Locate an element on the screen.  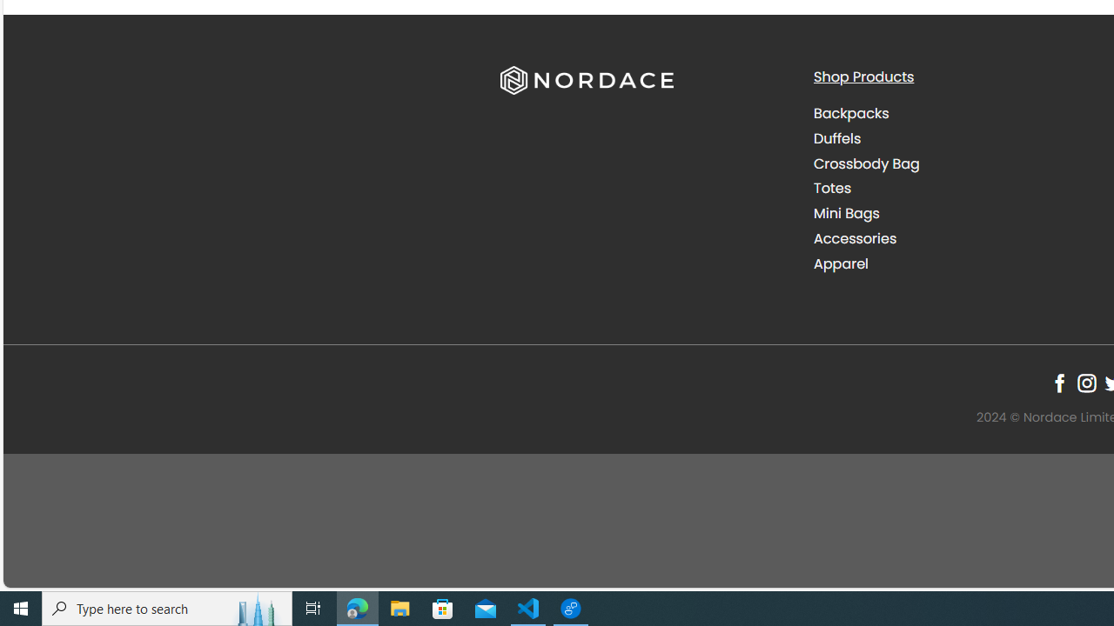
'Follow on Instagram' is located at coordinates (1085, 383).